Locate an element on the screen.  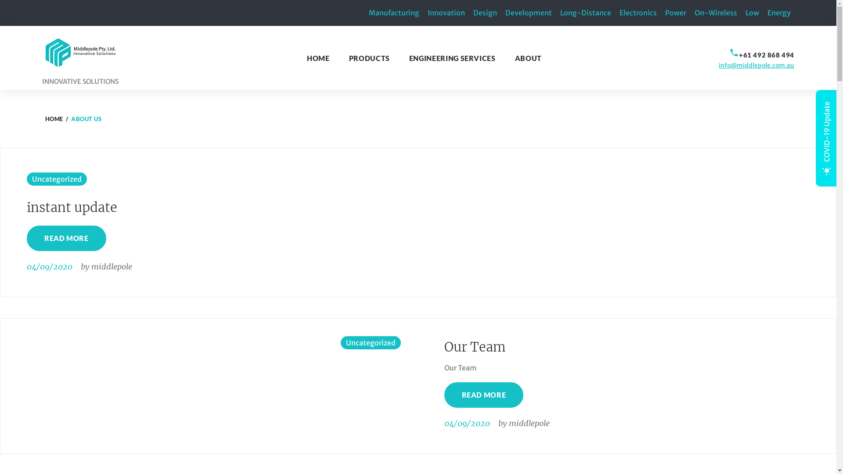
'Skip to content' is located at coordinates (0, 0).